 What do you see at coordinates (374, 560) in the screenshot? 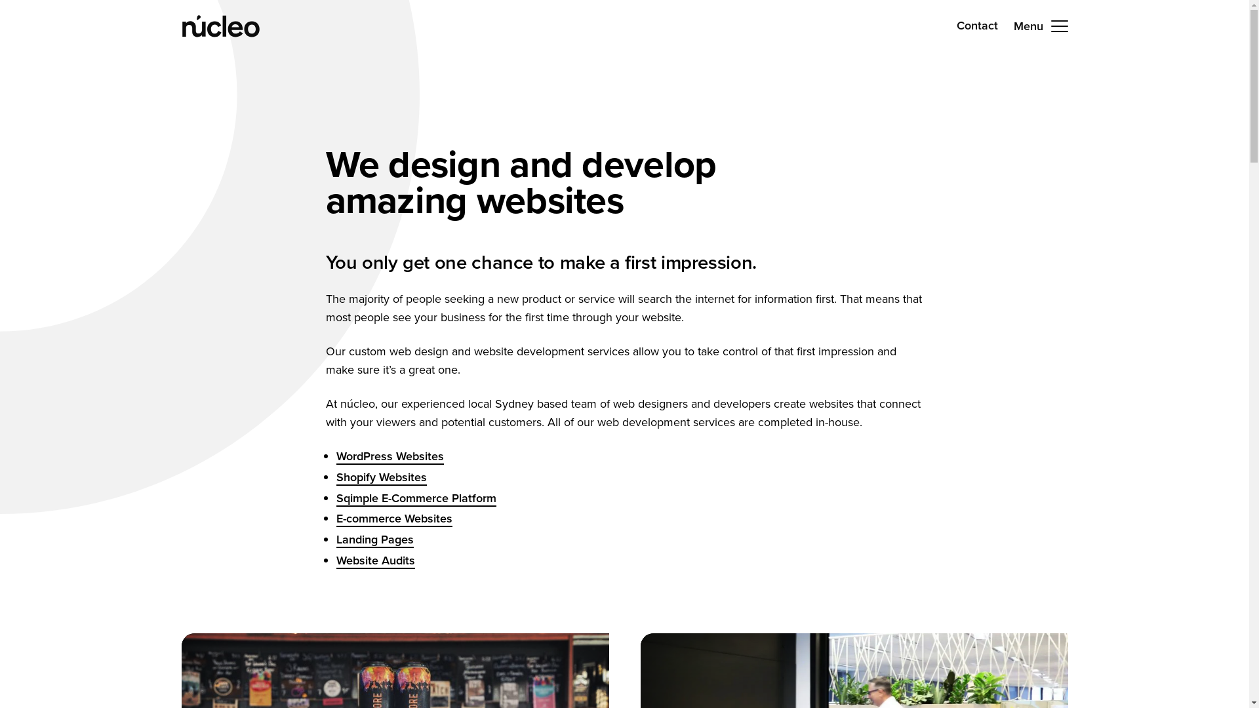
I see `'Website Audits'` at bounding box center [374, 560].